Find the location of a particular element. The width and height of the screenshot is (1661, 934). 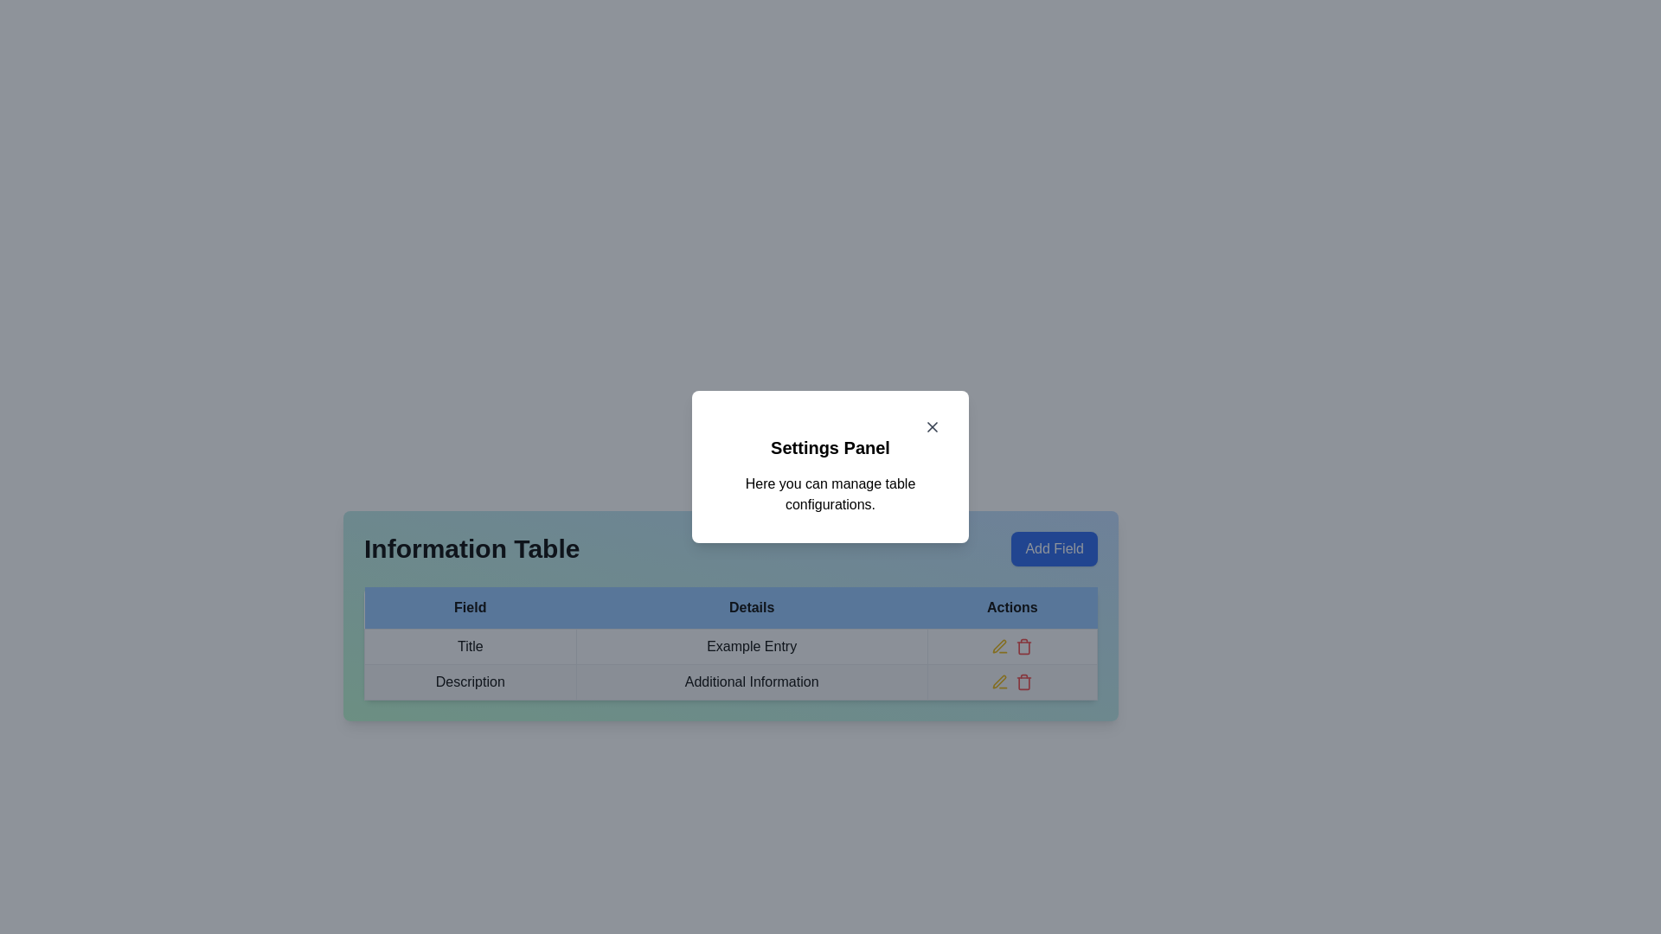

the table header row with a blue background containing 'Field', 'Details', and 'Actions', located beneath the 'Information Table' section is located at coordinates (730, 606).